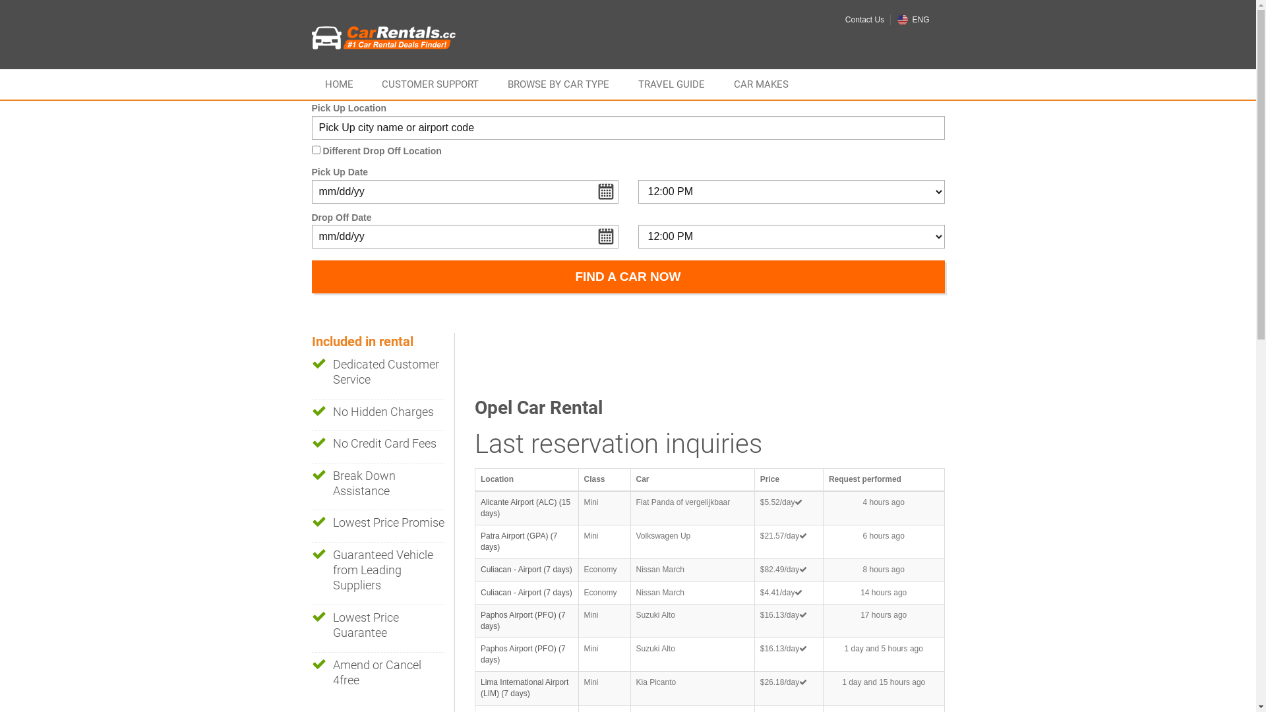  What do you see at coordinates (338, 84) in the screenshot?
I see `'HOME'` at bounding box center [338, 84].